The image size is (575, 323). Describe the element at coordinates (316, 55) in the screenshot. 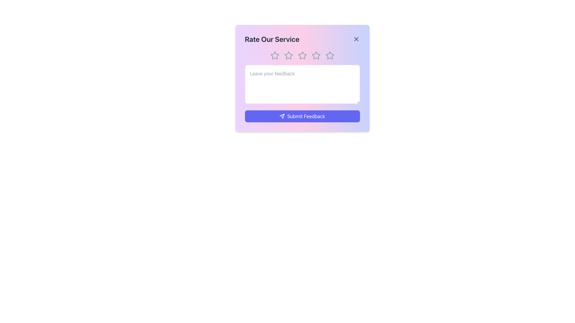

I see `the fourth star icon` at that location.